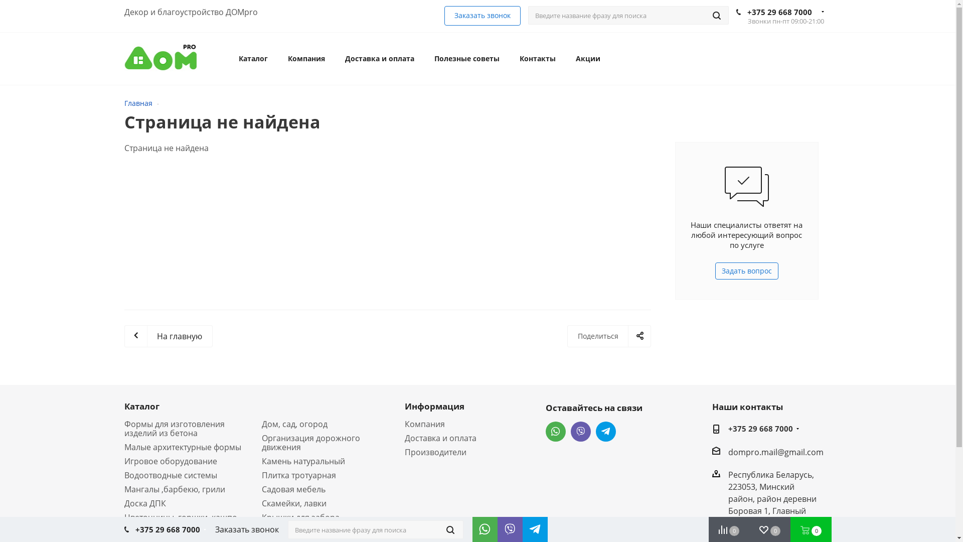 The width and height of the screenshot is (963, 542). I want to click on 'Viber', so click(508, 526).